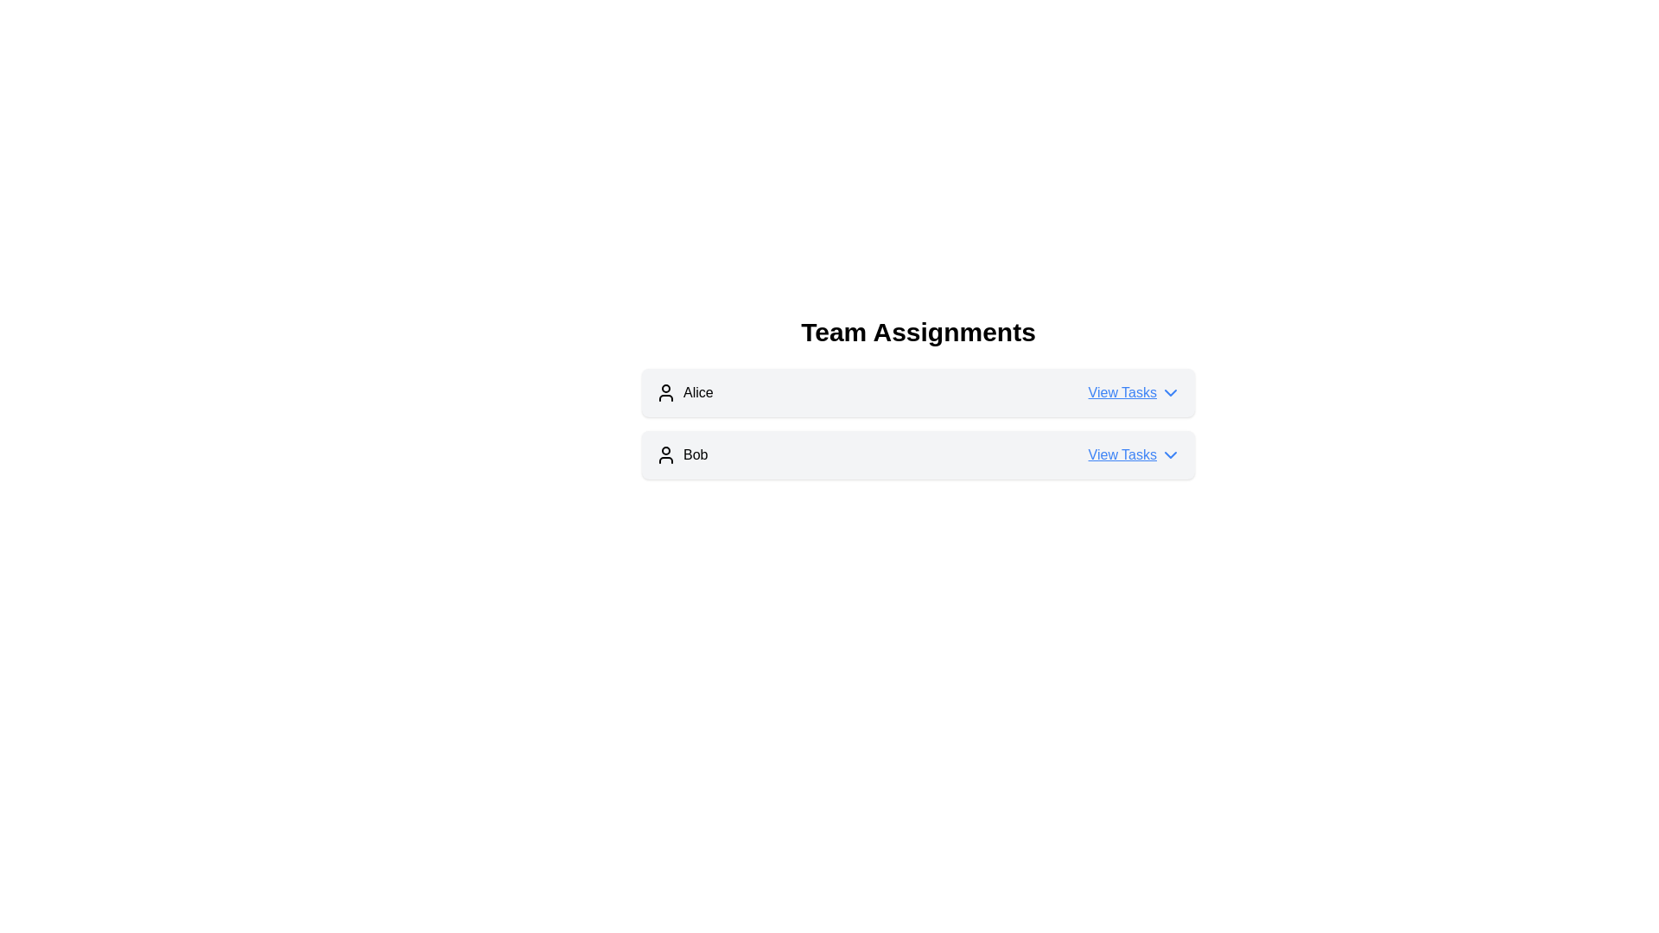  I want to click on the interactive hyperlink labeled 'View Tasks' located next to the name 'Alice' in the top row of user task entries, so click(1135, 393).